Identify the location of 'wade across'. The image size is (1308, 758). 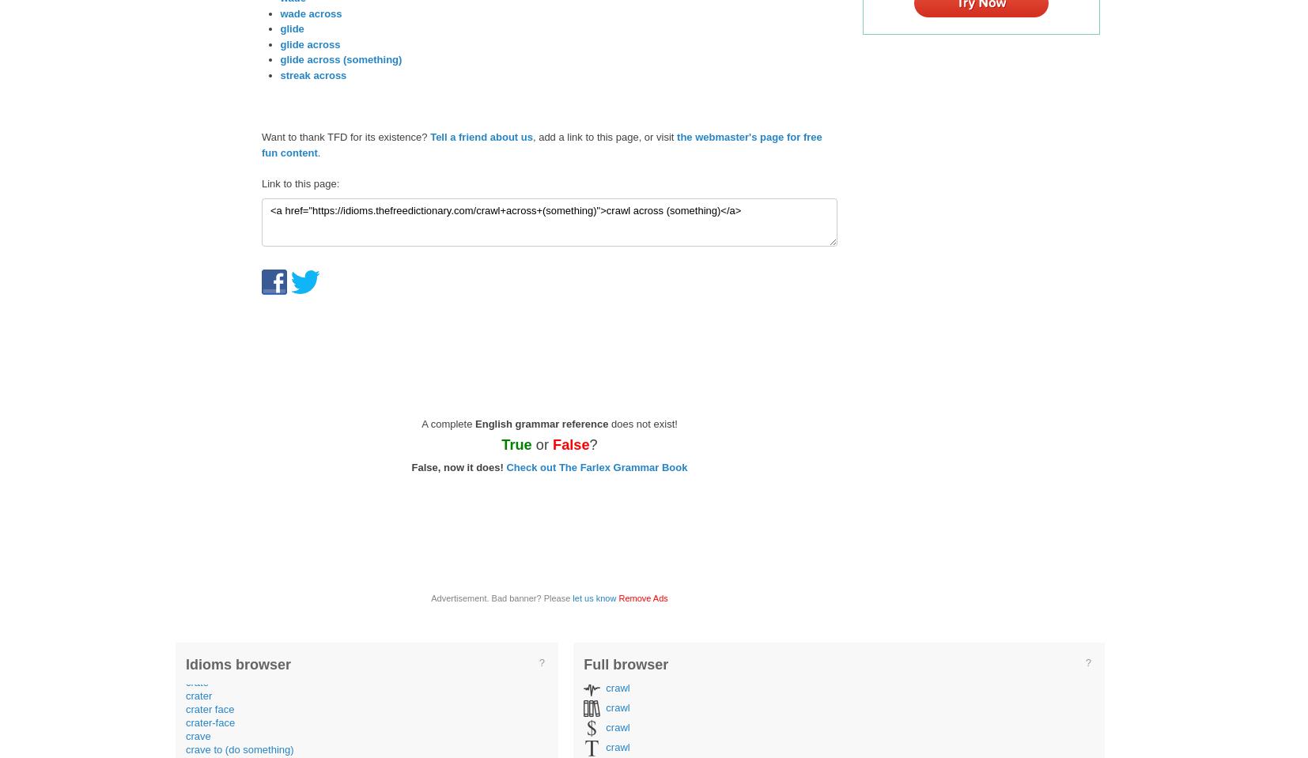
(309, 12).